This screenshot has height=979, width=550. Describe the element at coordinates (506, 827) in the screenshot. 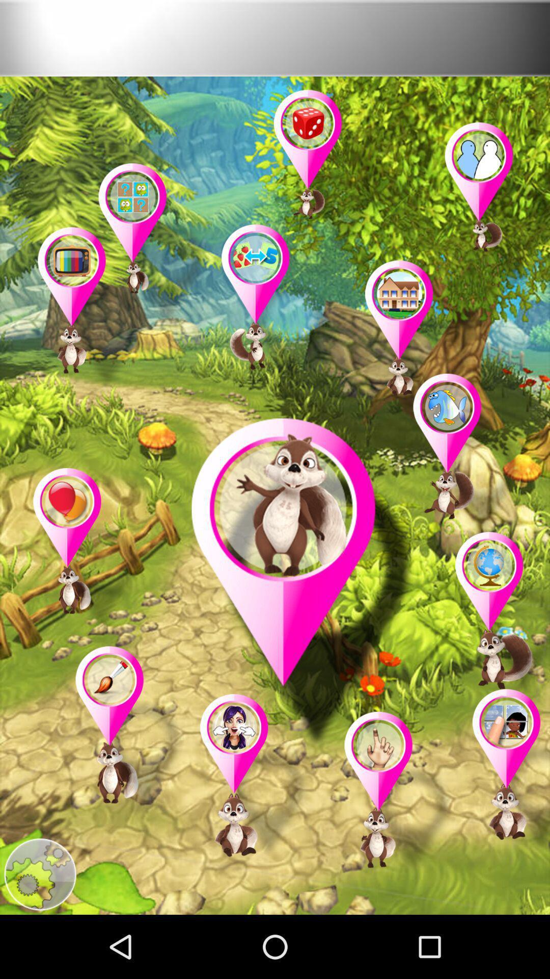

I see `the location icon` at that location.